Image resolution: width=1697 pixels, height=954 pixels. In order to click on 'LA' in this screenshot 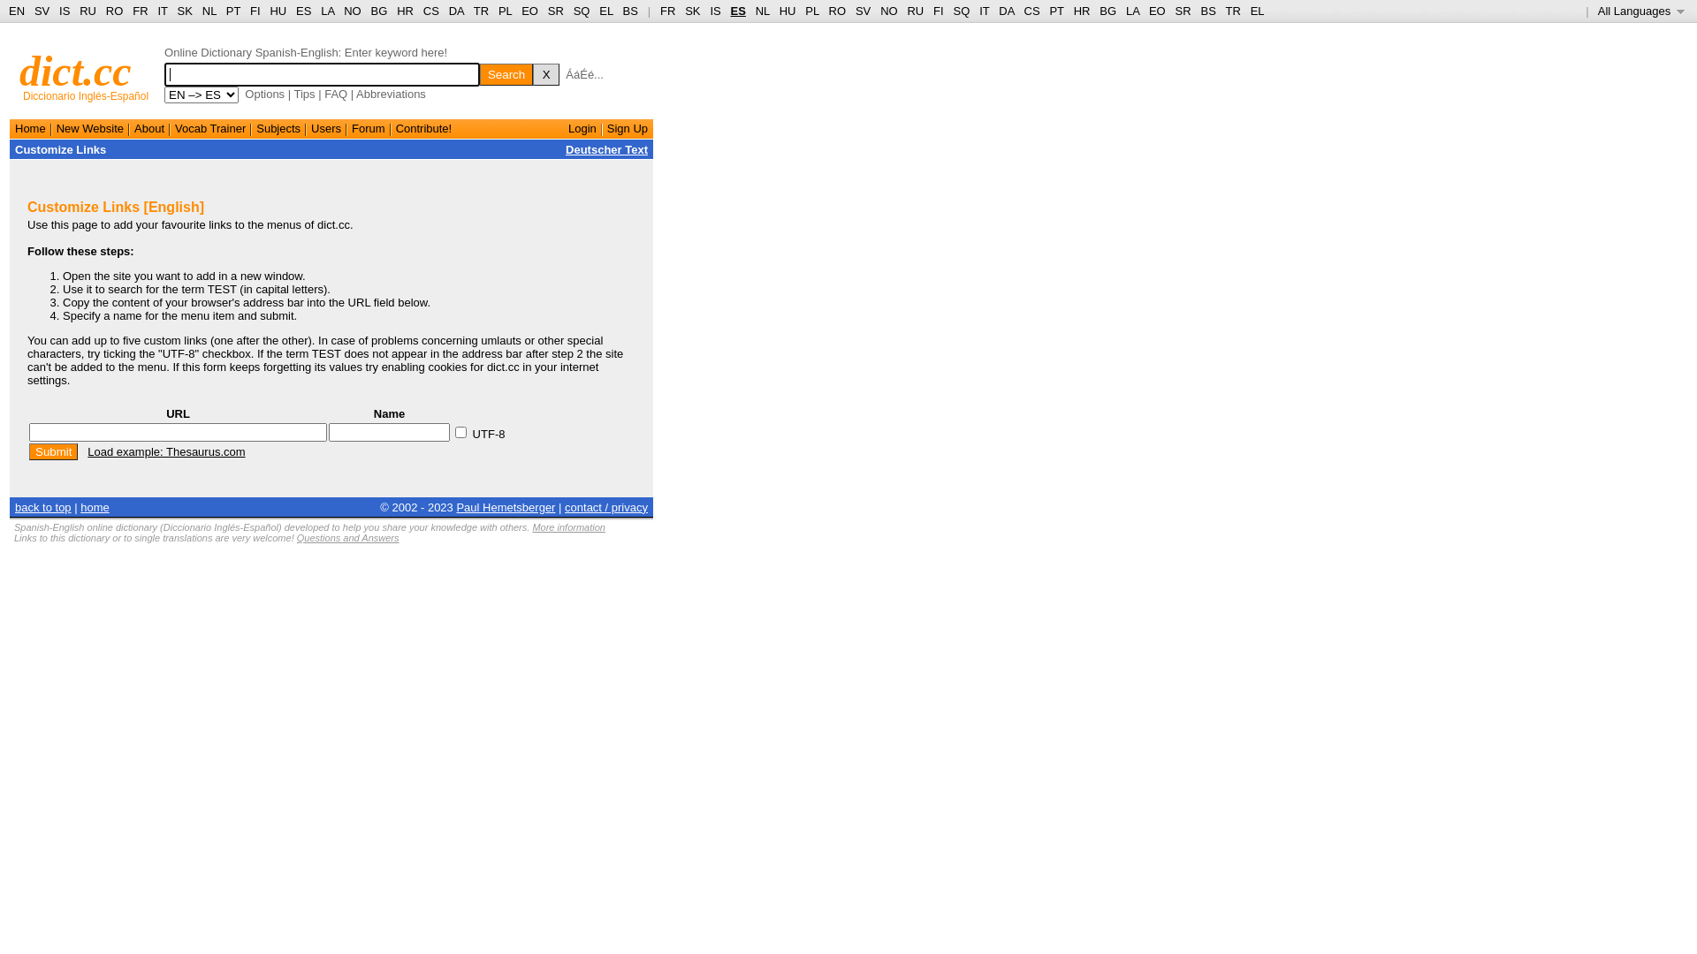, I will do `click(1124, 11)`.